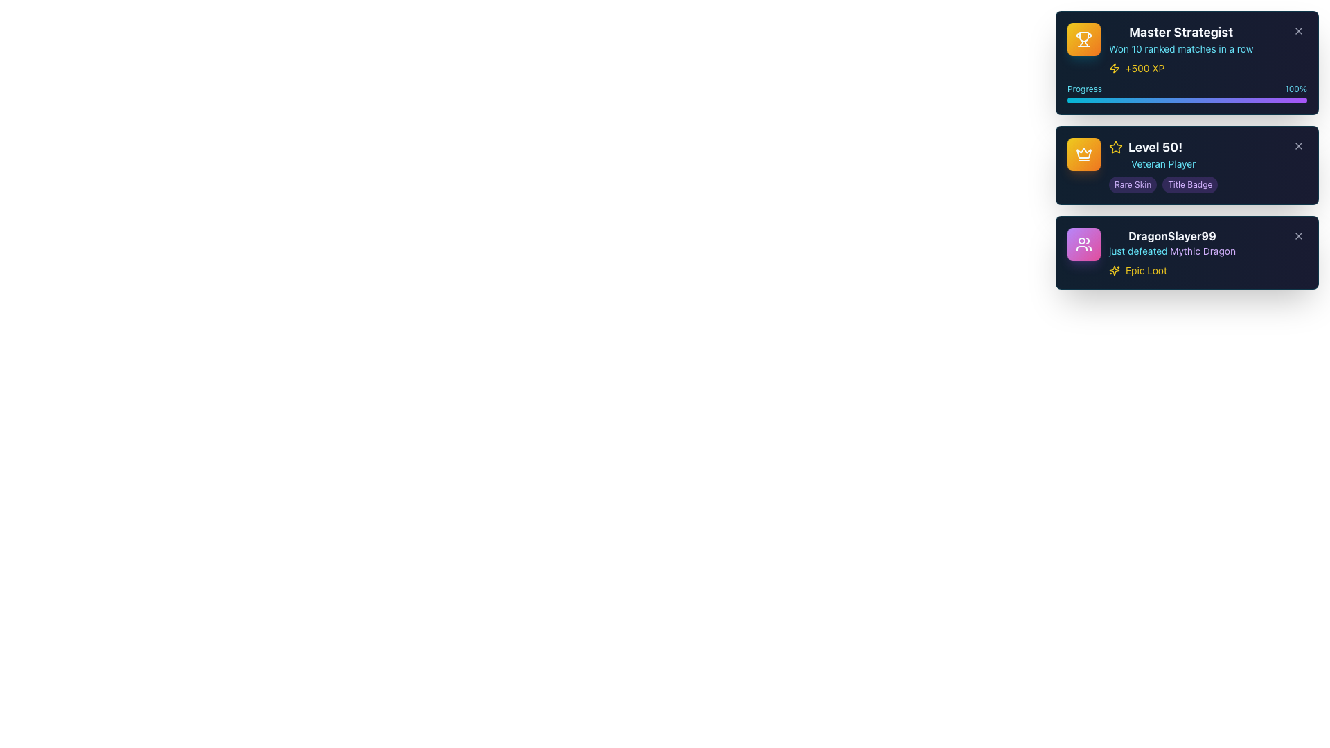 The image size is (1330, 748). I want to click on the text label displaying 'Veteran Player' in light cyan color, located within the second notification card, positioned between 'Level 50!' and 'Rare Skin', so click(1163, 163).